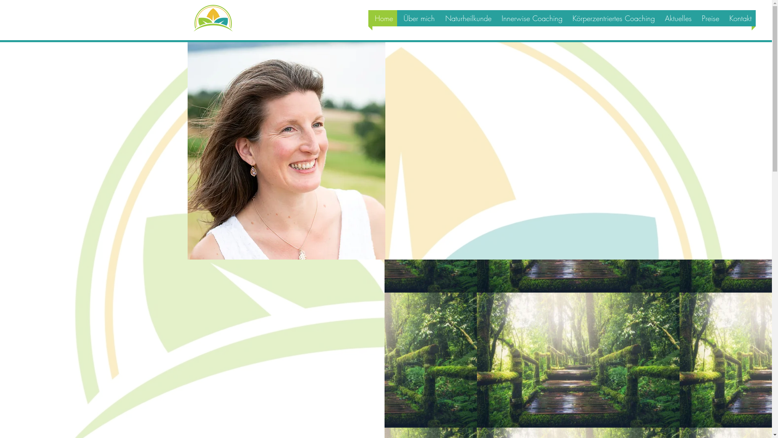 This screenshot has width=778, height=438. What do you see at coordinates (739, 18) in the screenshot?
I see `'Kontakt'` at bounding box center [739, 18].